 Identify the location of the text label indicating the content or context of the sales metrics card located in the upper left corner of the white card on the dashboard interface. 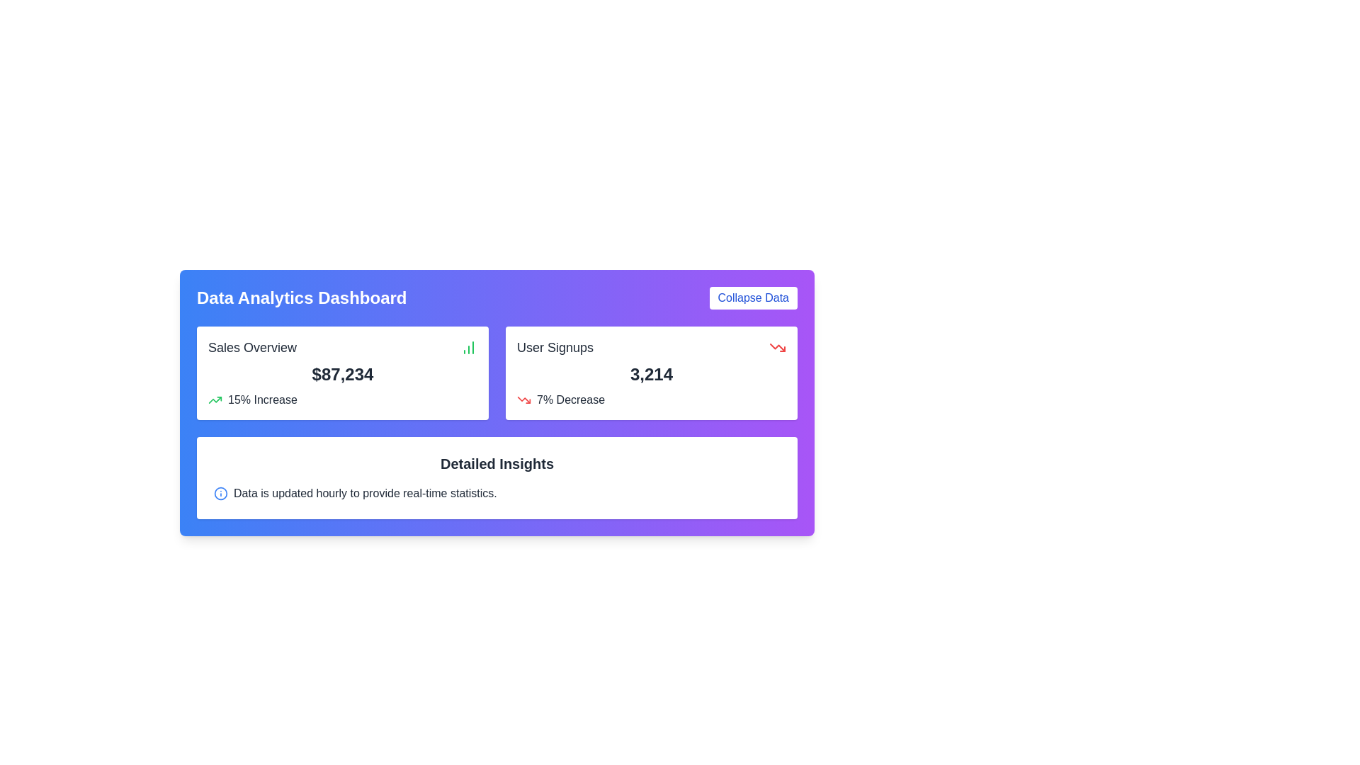
(252, 347).